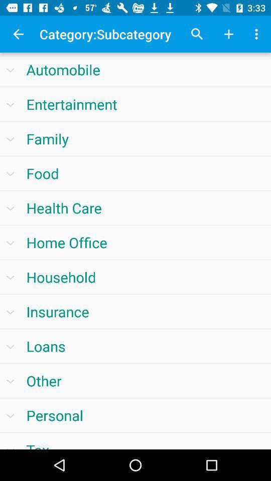 This screenshot has width=271, height=481. I want to click on the app to the right of the category:subcategory item, so click(197, 34).